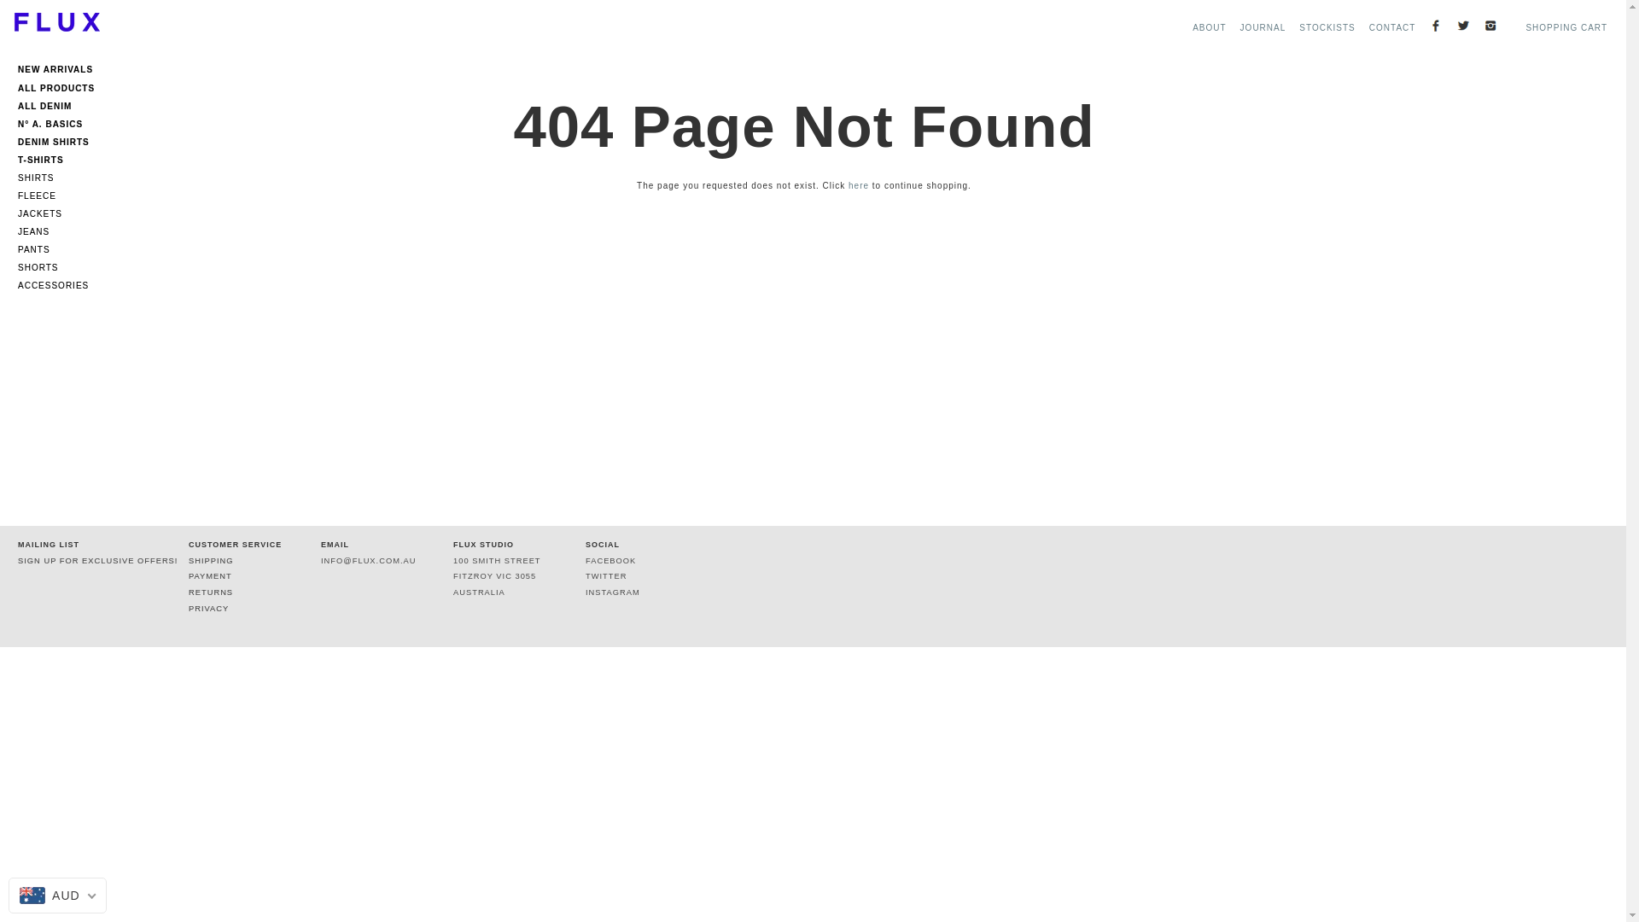 The width and height of the screenshot is (1639, 922). I want to click on 'here', so click(859, 185).